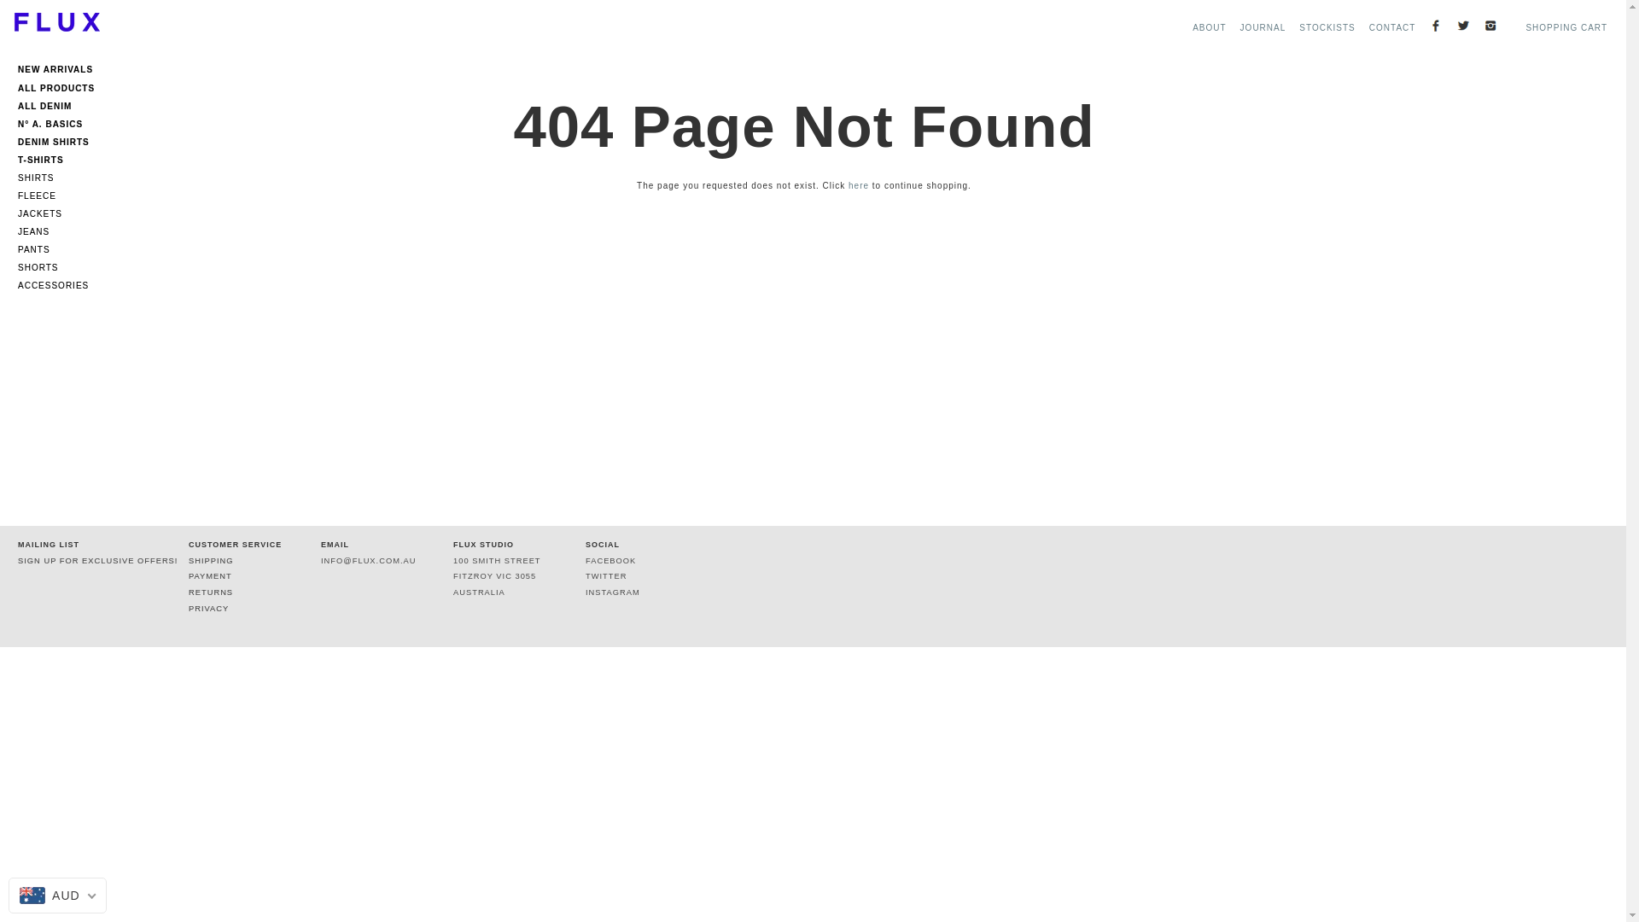 The width and height of the screenshot is (1639, 922). I want to click on 'here', so click(859, 185).